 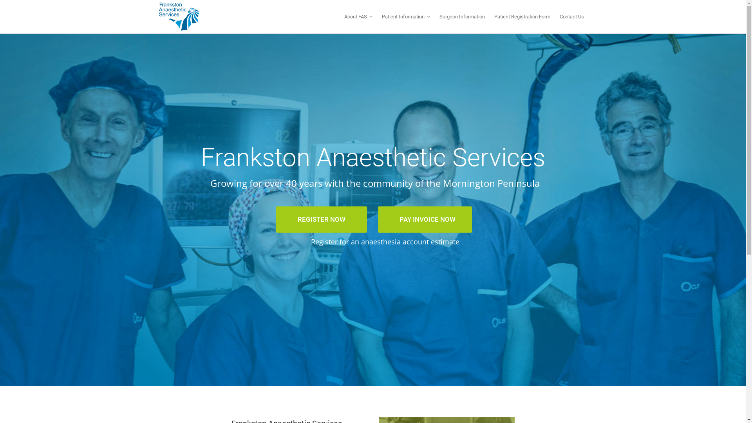 What do you see at coordinates (321, 219) in the screenshot?
I see `'REGISTER NOW'` at bounding box center [321, 219].